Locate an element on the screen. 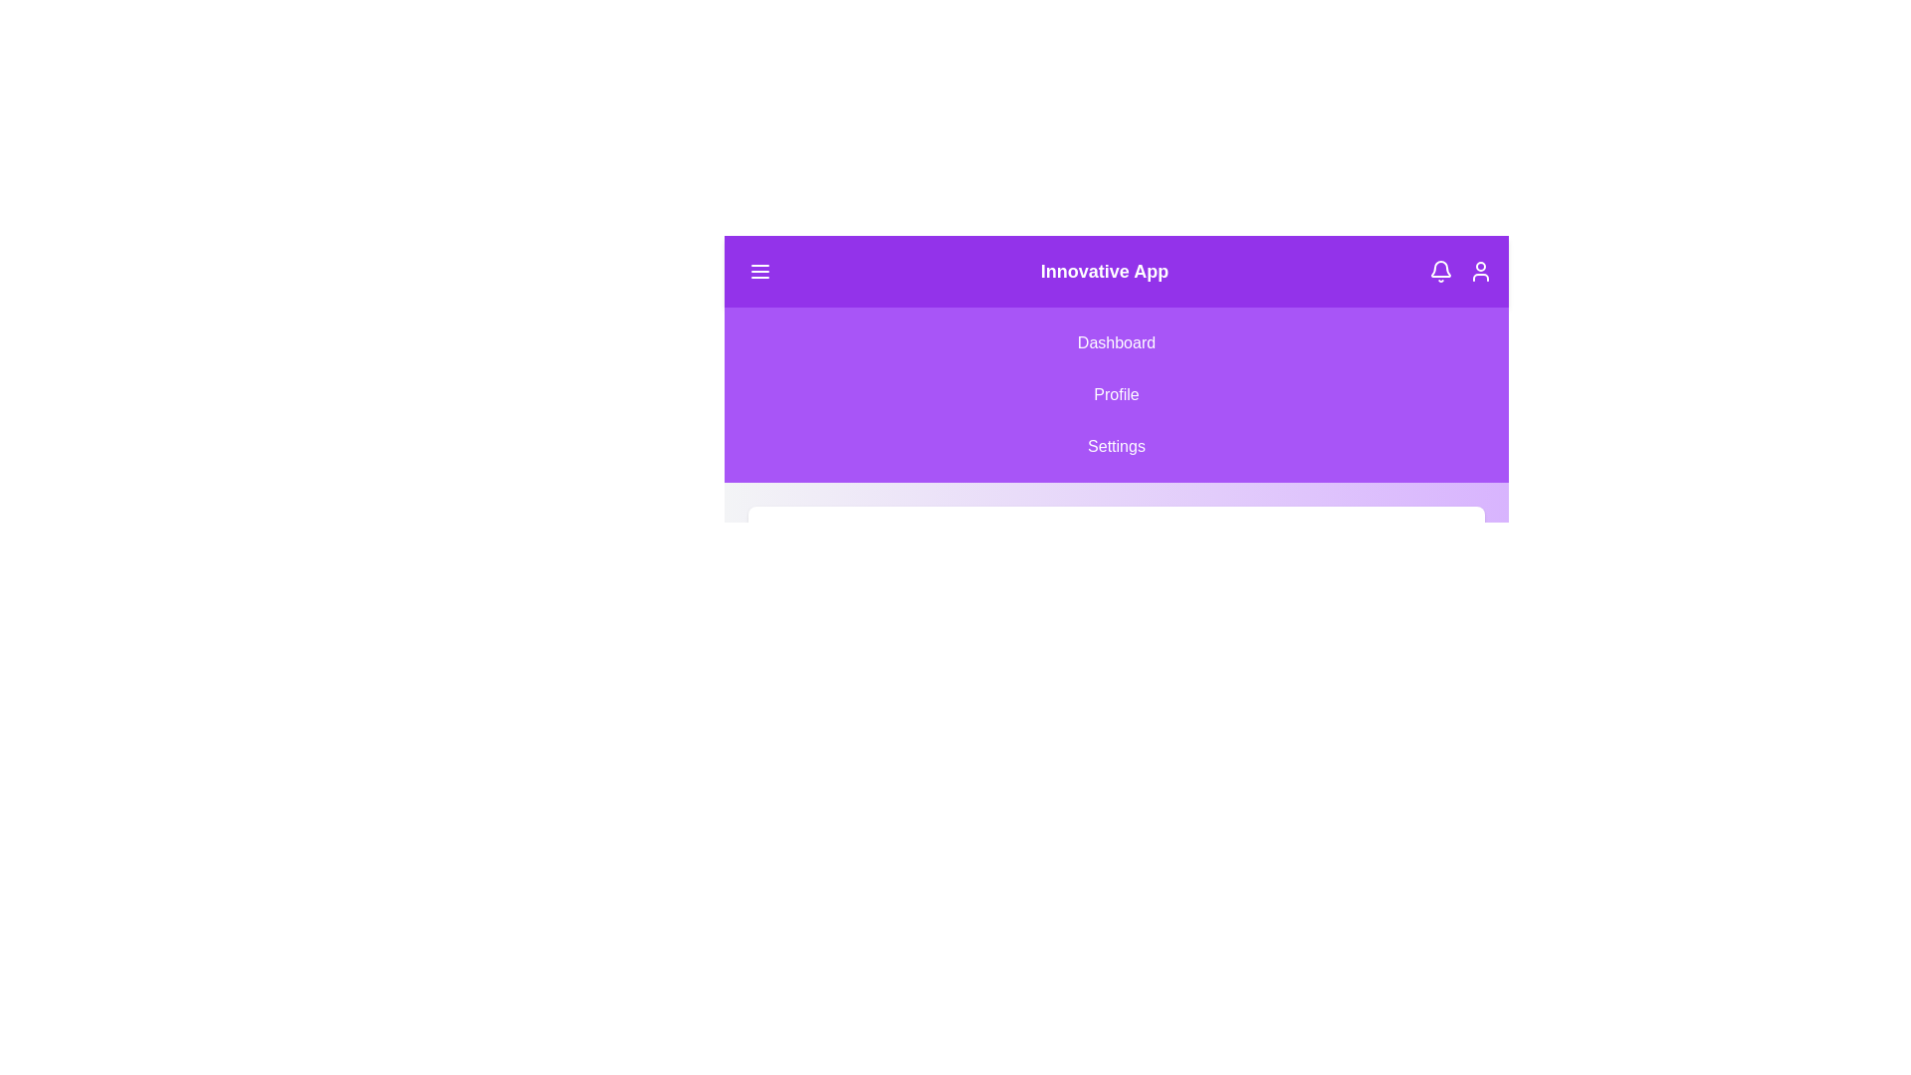 This screenshot has width=1911, height=1075. the user icon to interact with it is located at coordinates (1481, 272).